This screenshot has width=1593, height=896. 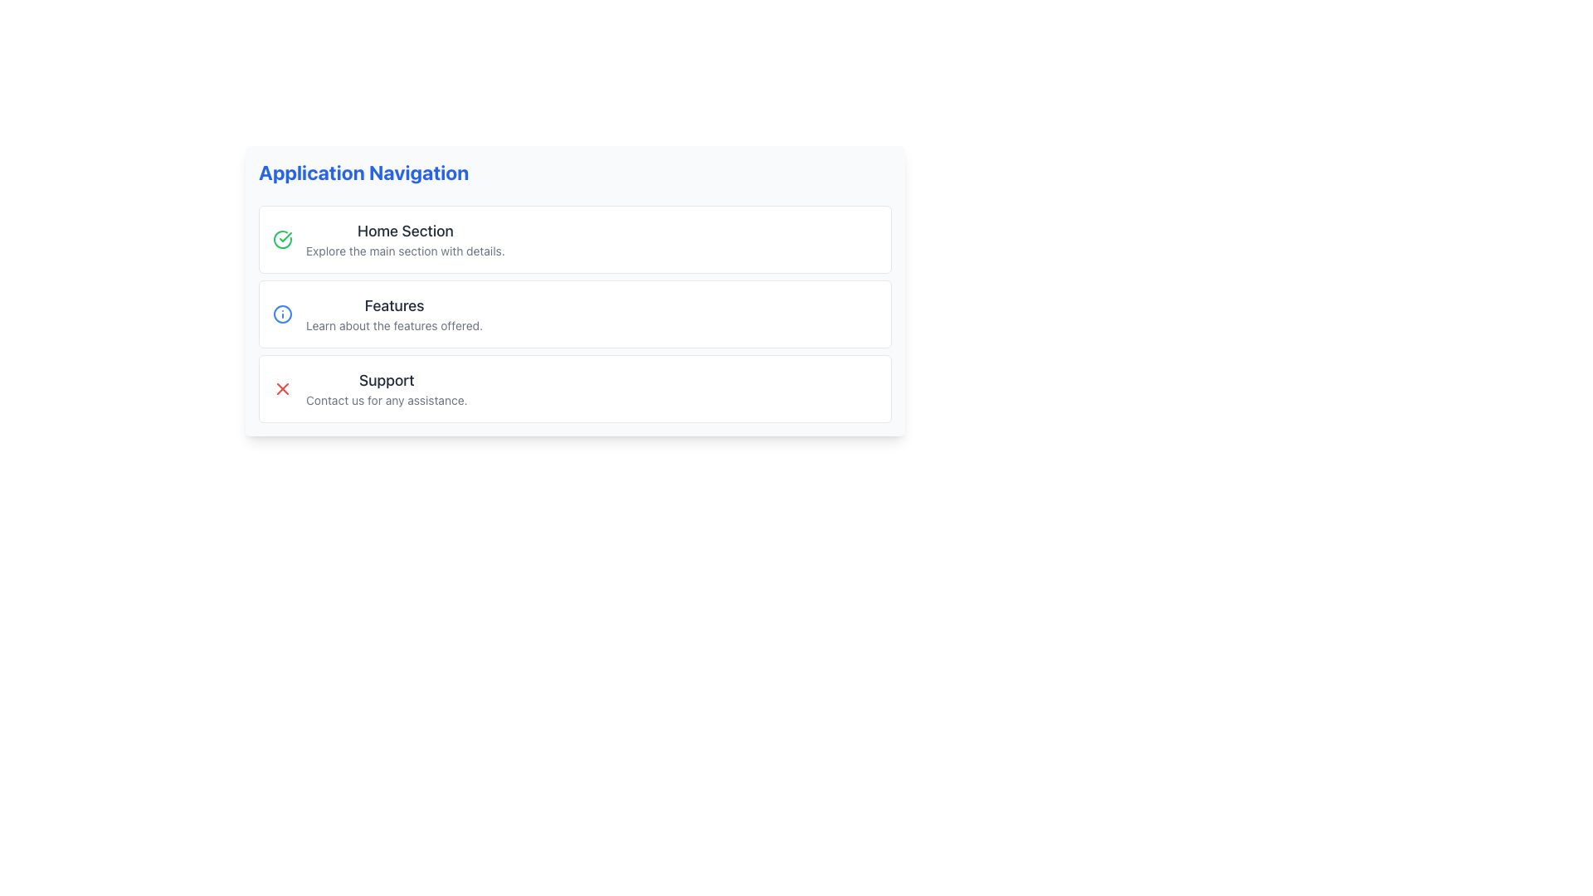 I want to click on informative content in the second section of the interface that describes the application's features, so click(x=575, y=290).